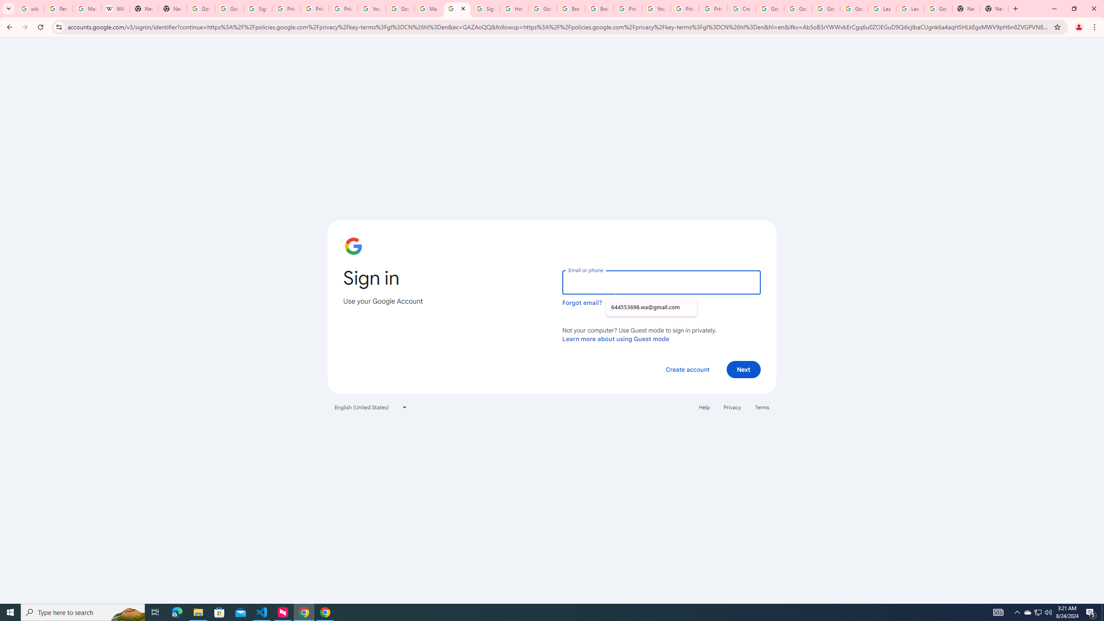 The width and height of the screenshot is (1104, 621). What do you see at coordinates (743, 369) in the screenshot?
I see `'Next'` at bounding box center [743, 369].